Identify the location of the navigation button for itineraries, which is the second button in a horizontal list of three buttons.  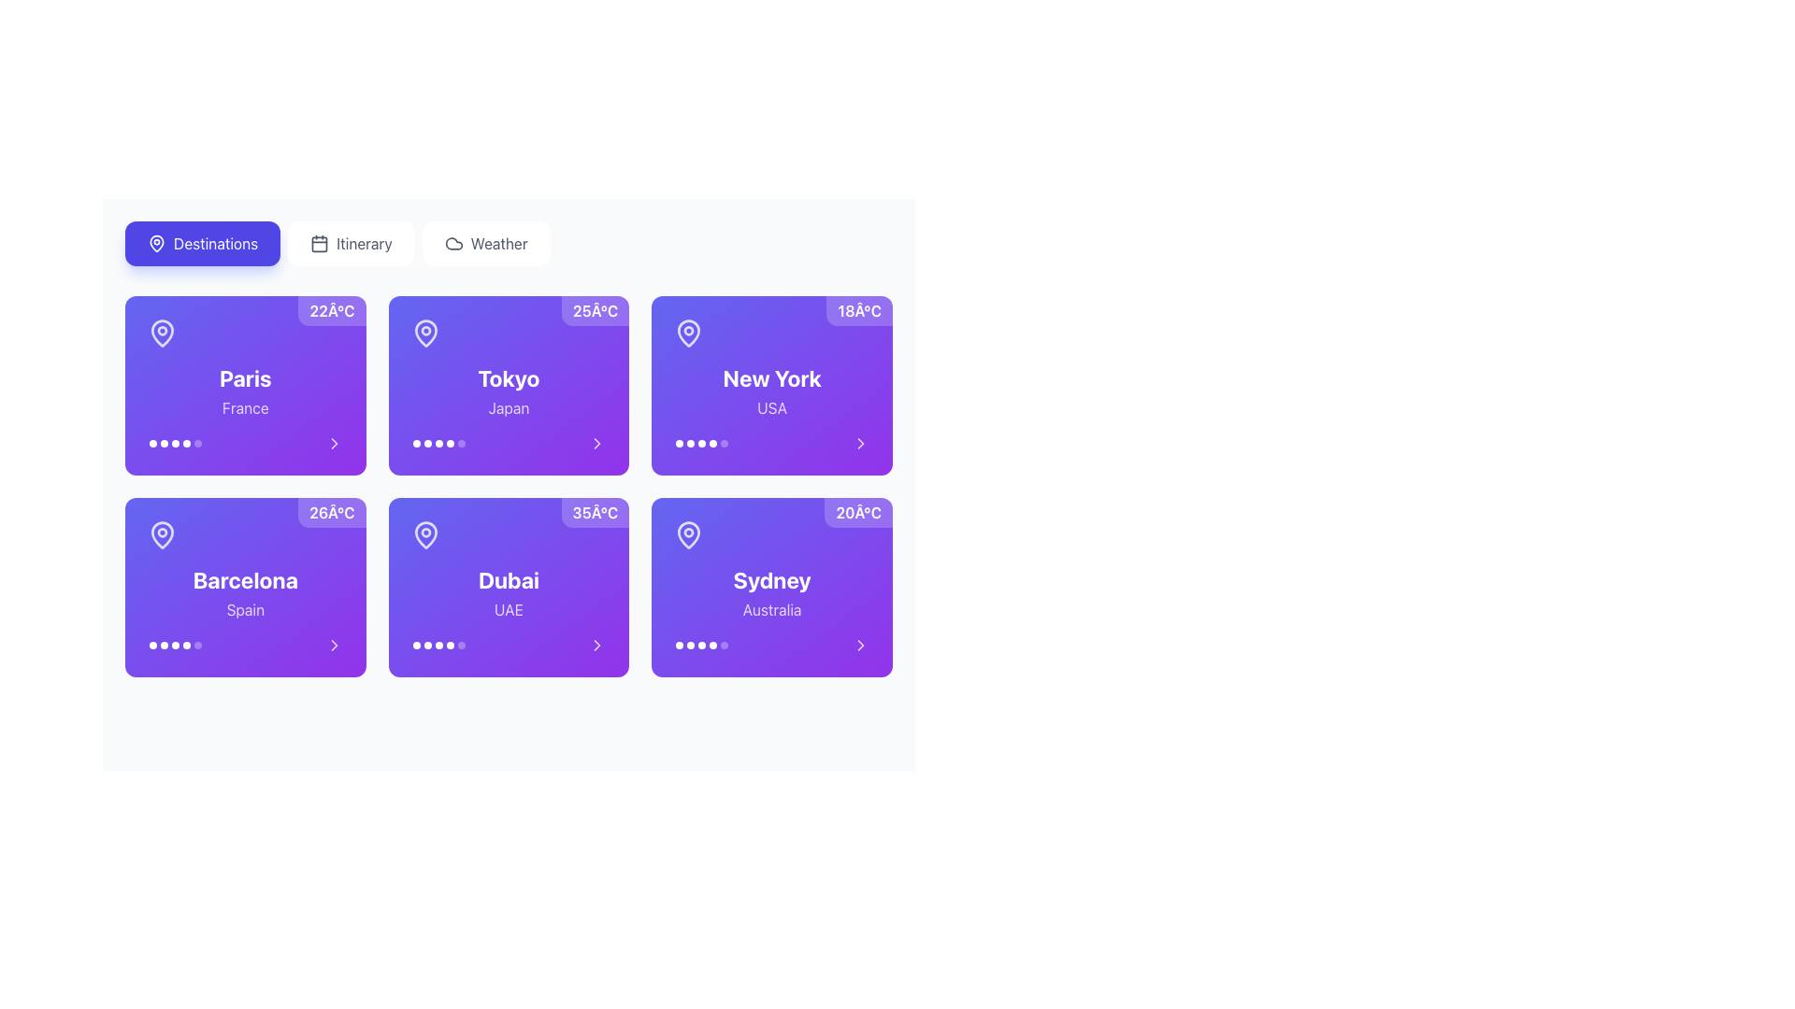
(351, 243).